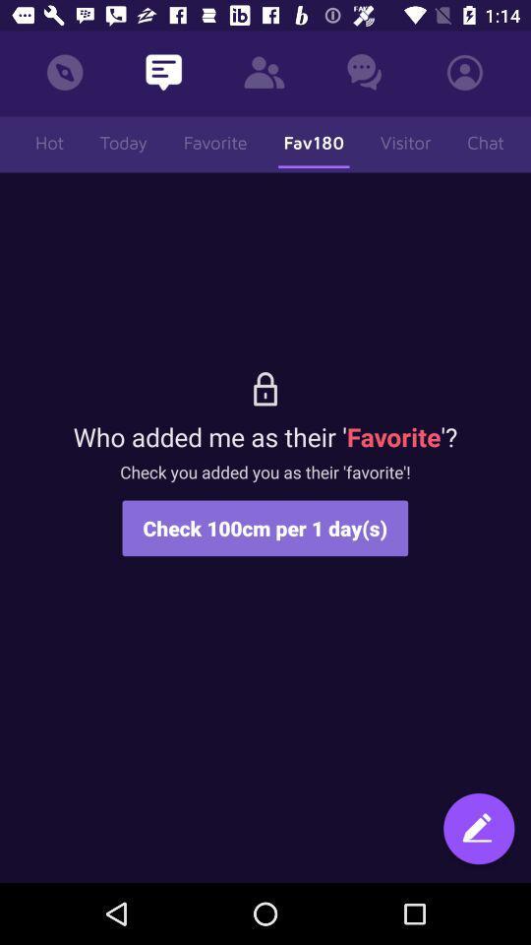 The image size is (531, 945). What do you see at coordinates (478, 830) in the screenshot?
I see `new text` at bounding box center [478, 830].